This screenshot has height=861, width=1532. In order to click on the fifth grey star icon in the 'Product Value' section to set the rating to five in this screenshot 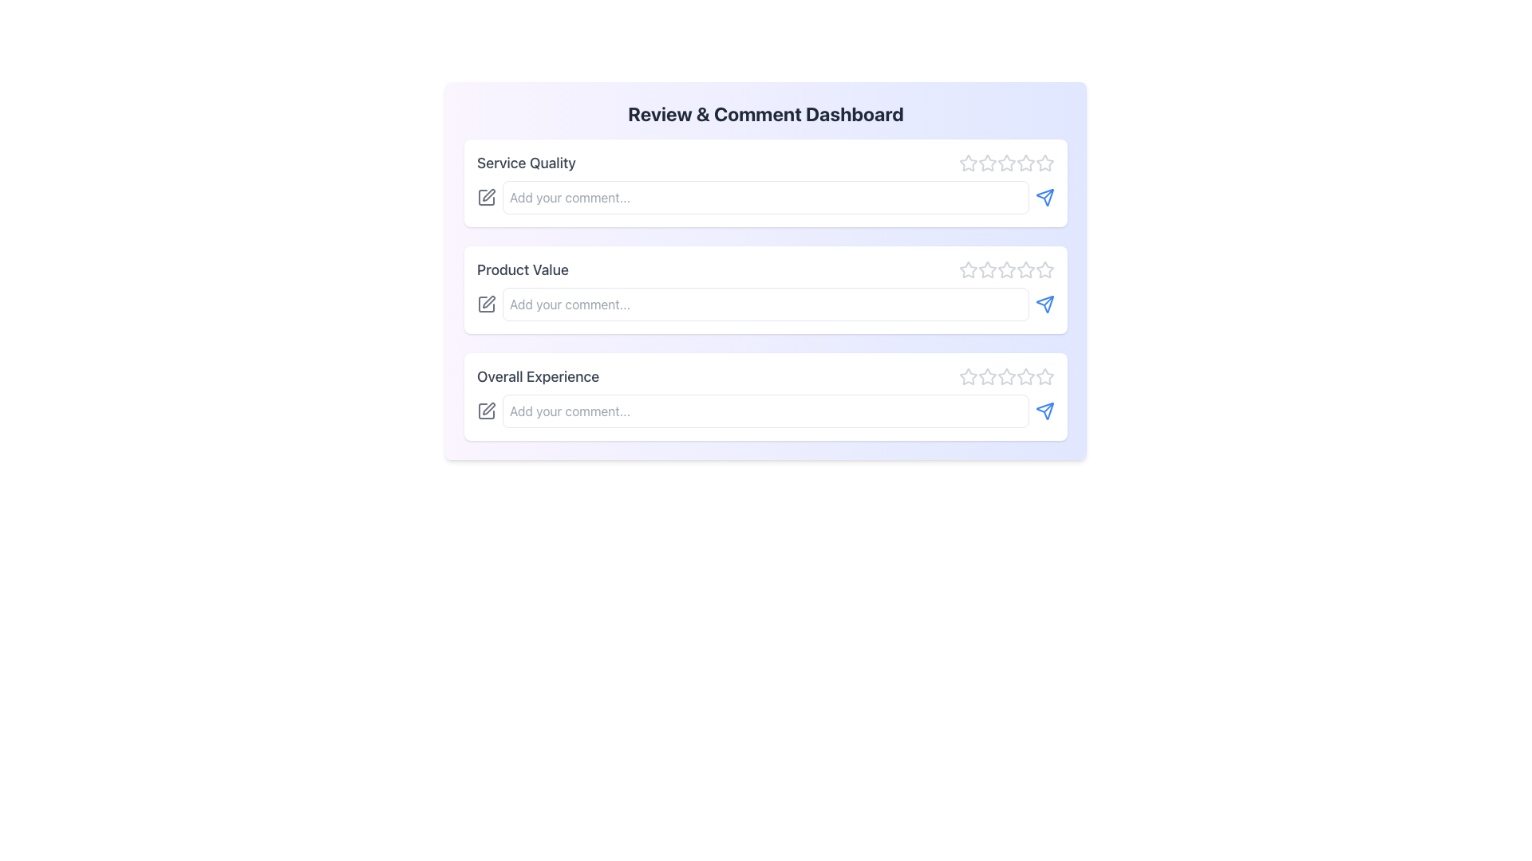, I will do `click(1044, 269)`.